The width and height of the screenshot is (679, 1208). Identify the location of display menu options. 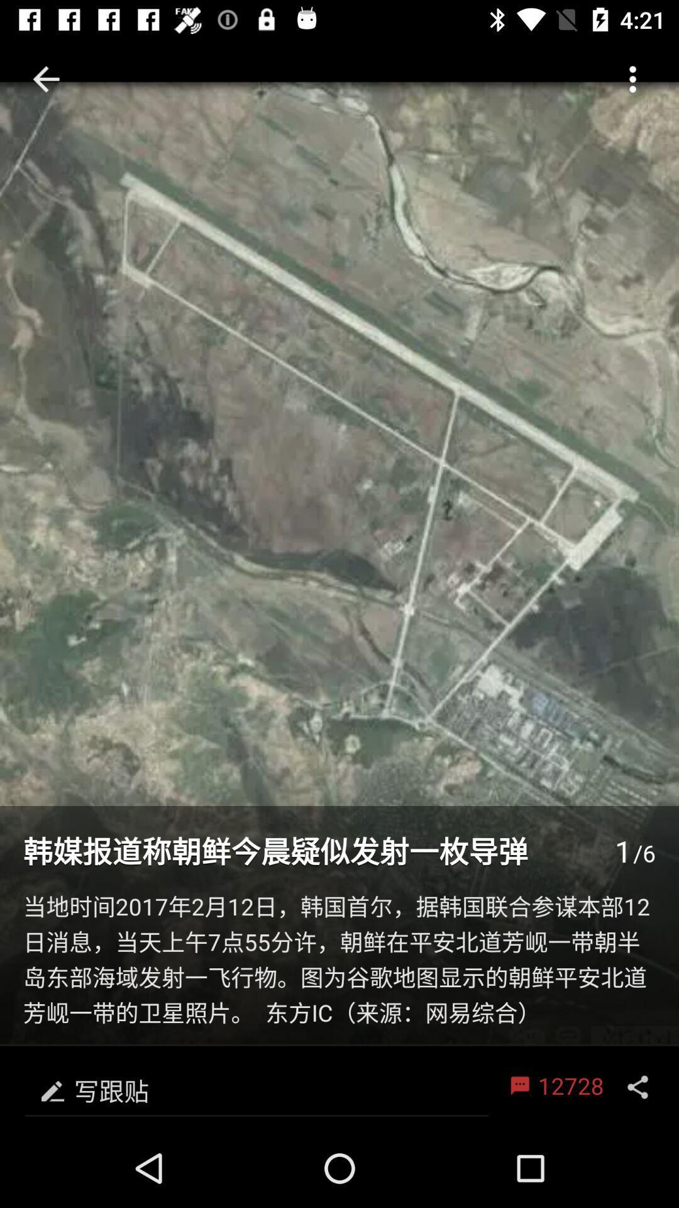
(638, 1087).